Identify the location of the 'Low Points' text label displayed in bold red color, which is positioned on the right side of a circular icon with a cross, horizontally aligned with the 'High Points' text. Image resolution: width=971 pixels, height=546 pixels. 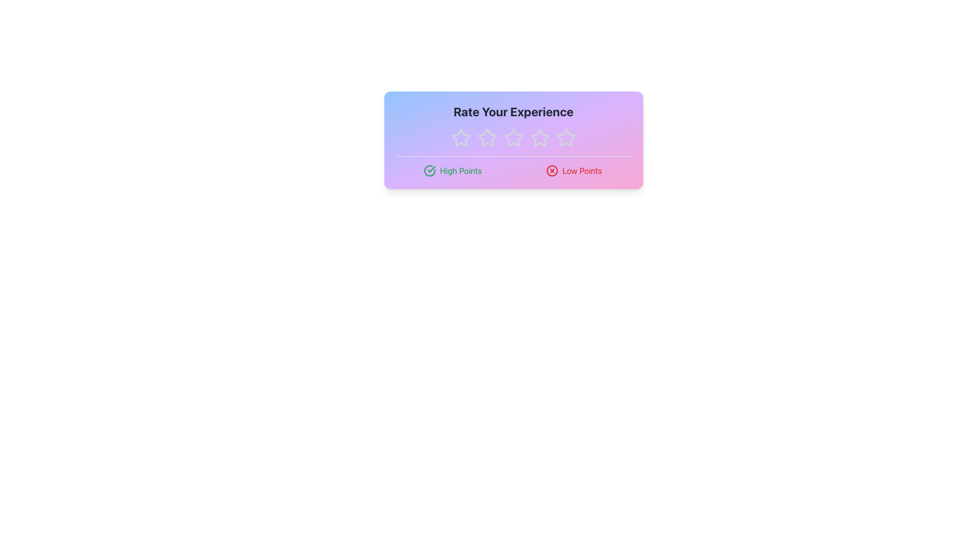
(582, 170).